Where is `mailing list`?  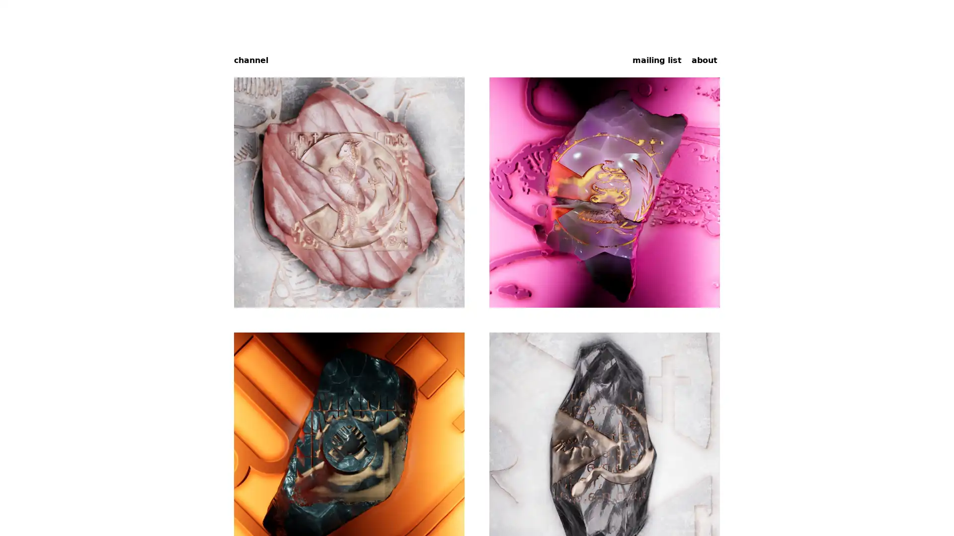
mailing list is located at coordinates (657, 60).